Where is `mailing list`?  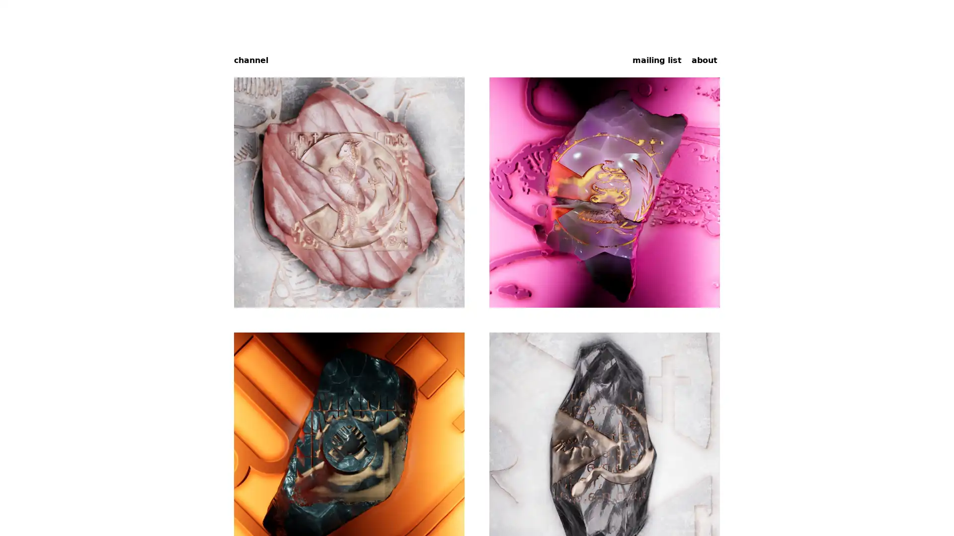
mailing list is located at coordinates (657, 60).